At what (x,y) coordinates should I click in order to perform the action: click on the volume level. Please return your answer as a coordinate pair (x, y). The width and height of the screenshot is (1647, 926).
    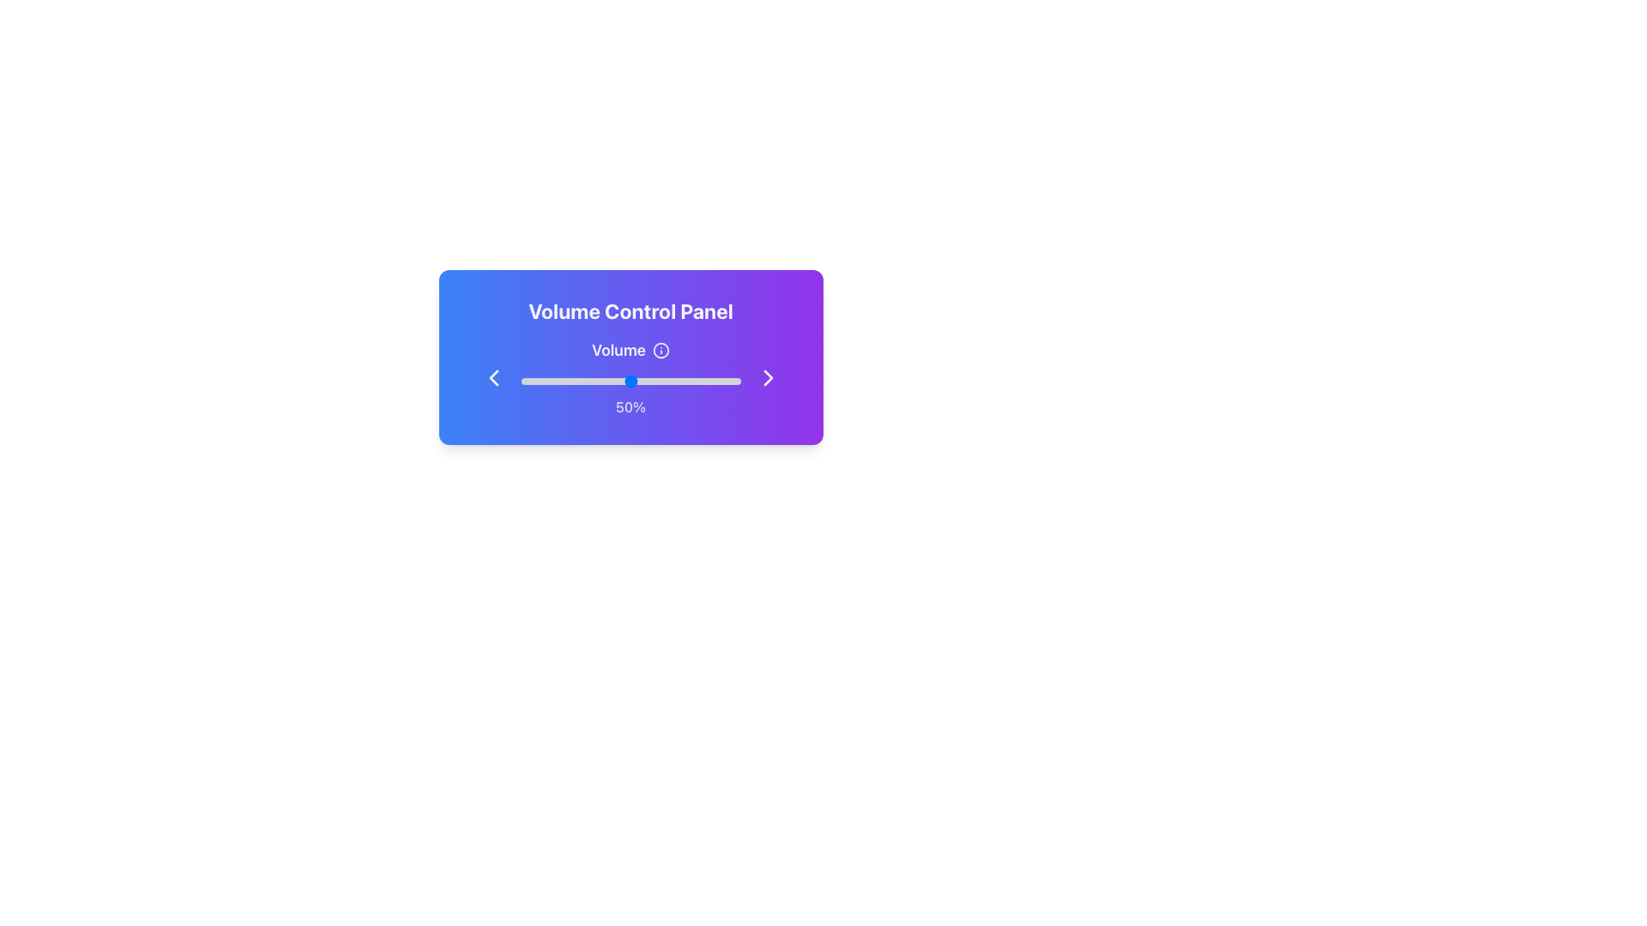
    Looking at the image, I should click on (725, 380).